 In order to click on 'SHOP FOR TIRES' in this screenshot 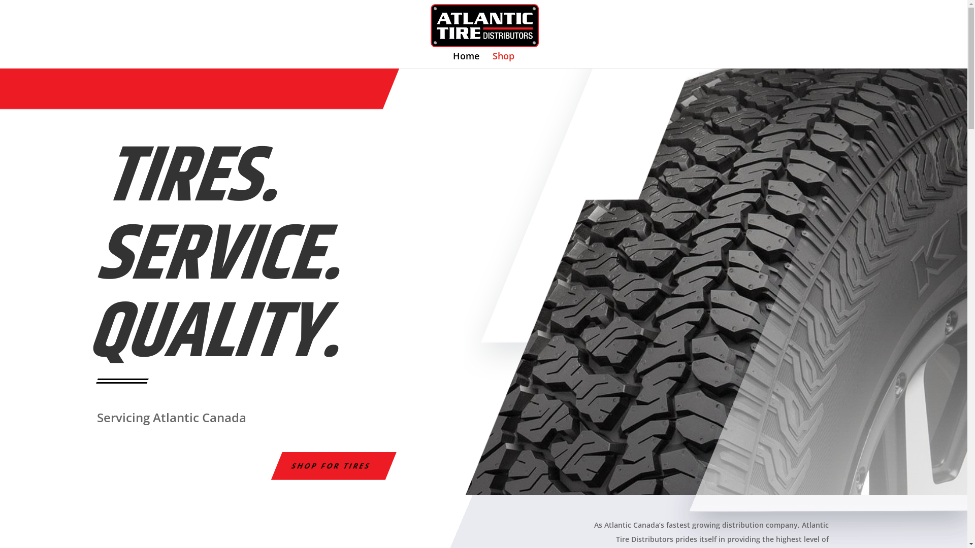, I will do `click(328, 466)`.